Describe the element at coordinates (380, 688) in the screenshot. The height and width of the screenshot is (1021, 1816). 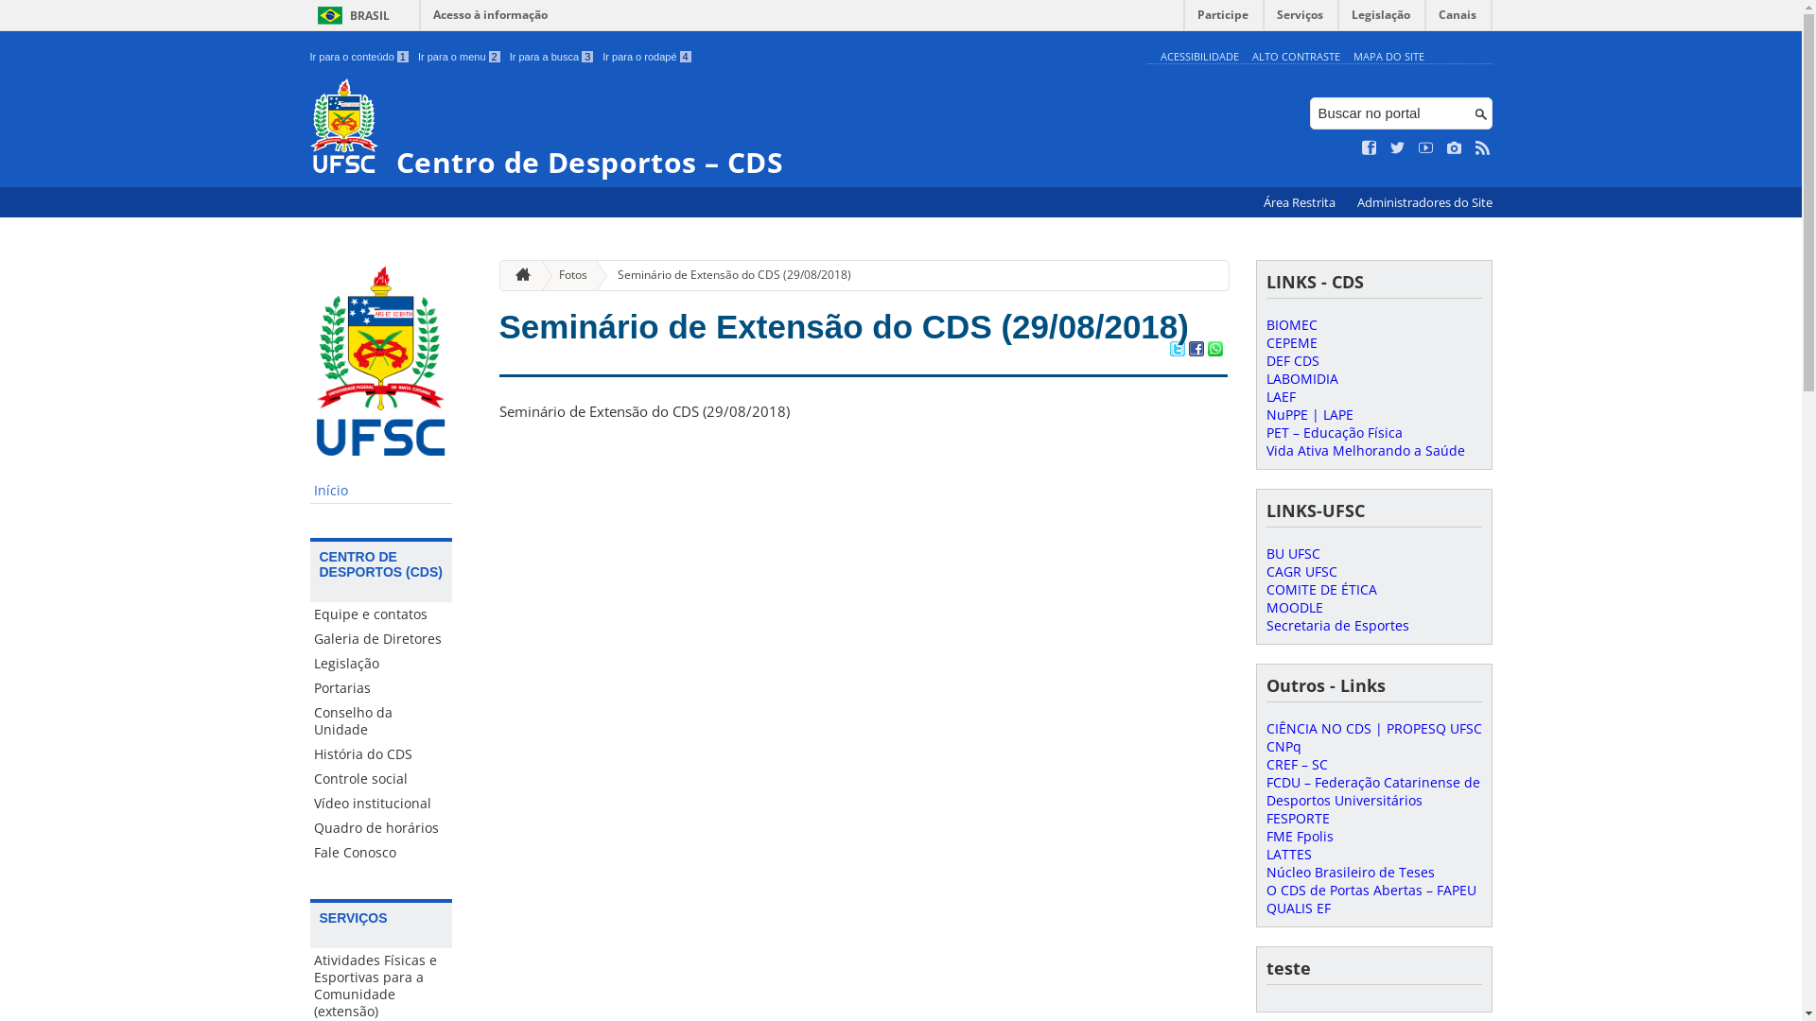
I see `'Portarias'` at that location.